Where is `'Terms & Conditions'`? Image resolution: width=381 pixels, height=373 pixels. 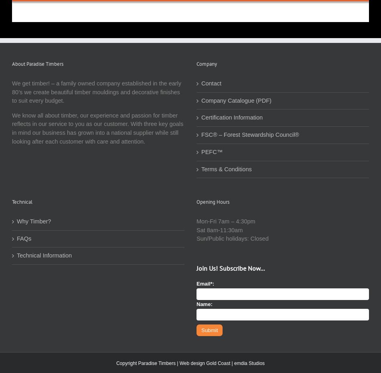
'Terms & Conditions' is located at coordinates (226, 169).